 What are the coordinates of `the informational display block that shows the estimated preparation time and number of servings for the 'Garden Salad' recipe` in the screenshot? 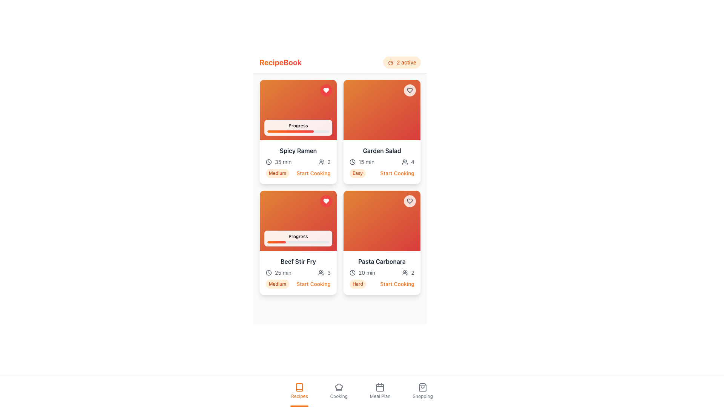 It's located at (382, 161).